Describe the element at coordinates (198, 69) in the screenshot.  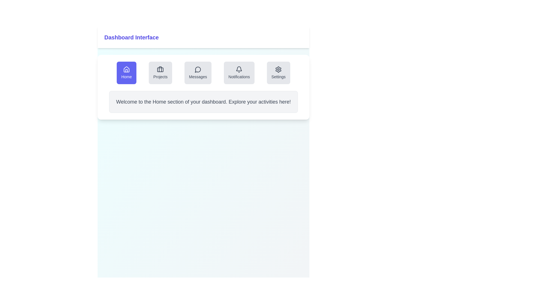
I see `the circular speech bubble icon with a gray stroke in the 'Messages' section of the navigation bar` at that location.